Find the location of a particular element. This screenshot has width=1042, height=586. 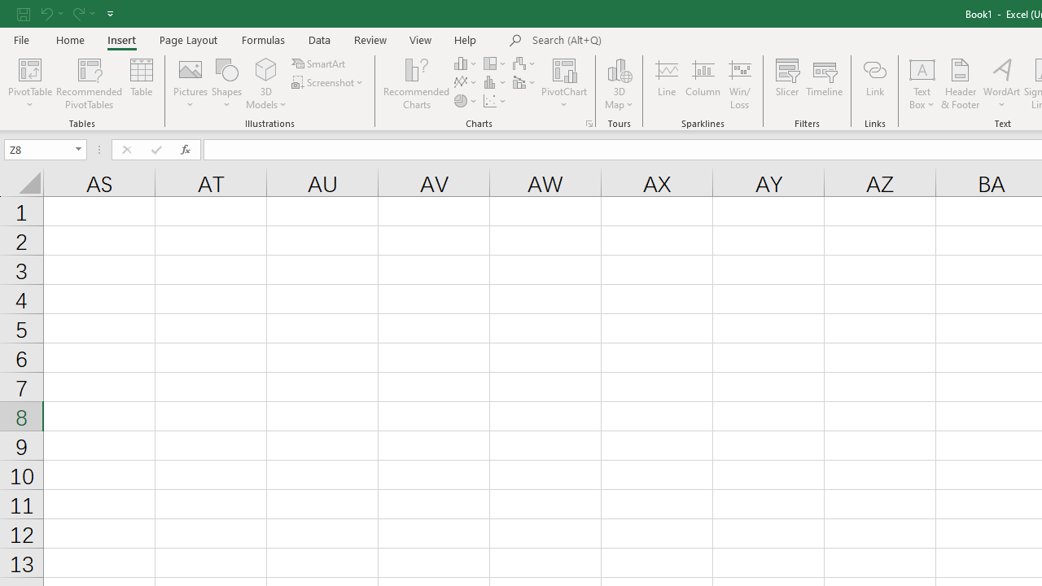

'Review' is located at coordinates (370, 39).